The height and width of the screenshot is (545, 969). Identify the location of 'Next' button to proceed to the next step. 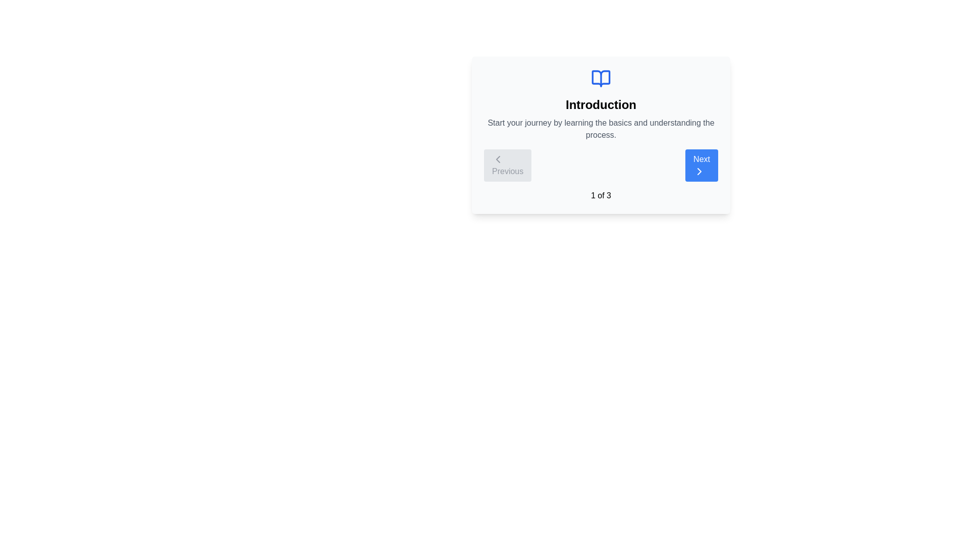
(701, 165).